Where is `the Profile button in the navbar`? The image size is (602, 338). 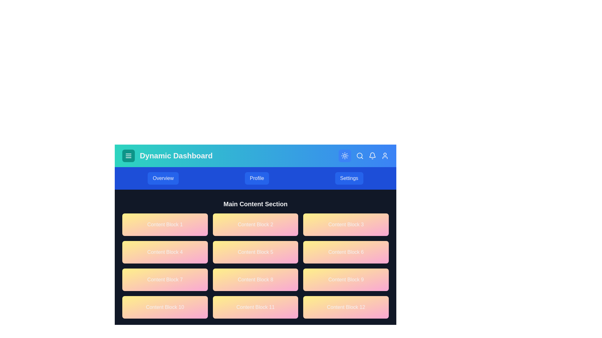 the Profile button in the navbar is located at coordinates (257, 178).